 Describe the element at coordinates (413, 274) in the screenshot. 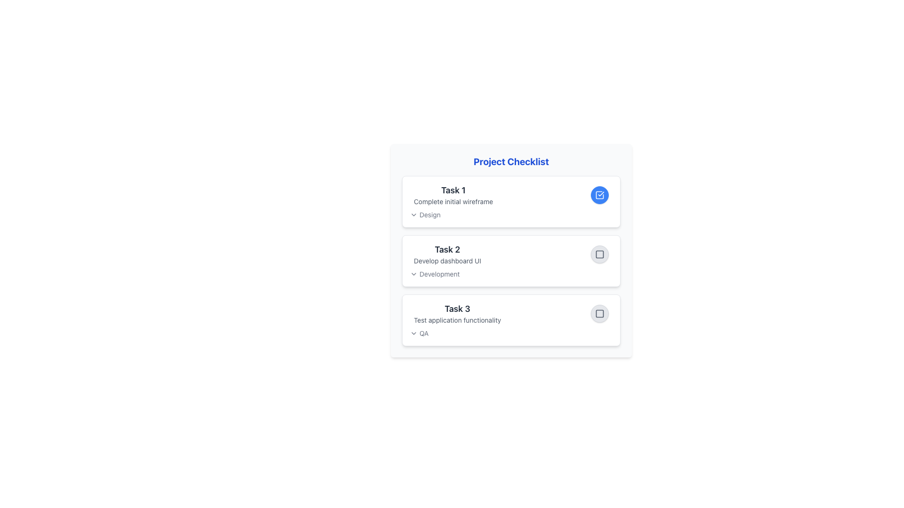

I see `the Chevron Icon located to the left of the 'Development' text in the 'Task 2' section` at that location.